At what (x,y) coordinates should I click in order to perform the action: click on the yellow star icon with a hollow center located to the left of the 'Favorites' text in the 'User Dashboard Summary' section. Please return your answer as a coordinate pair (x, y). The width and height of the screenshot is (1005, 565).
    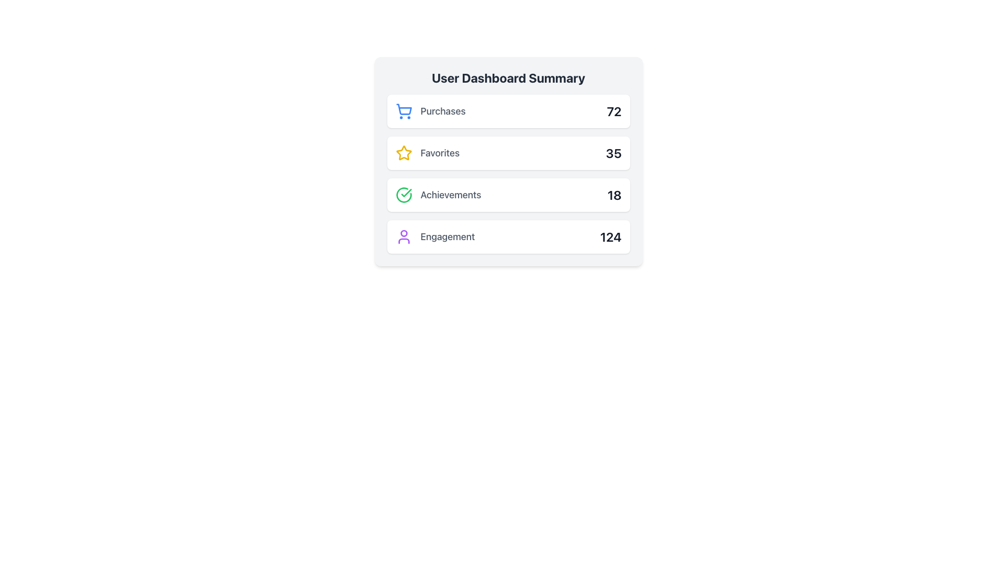
    Looking at the image, I should click on (403, 153).